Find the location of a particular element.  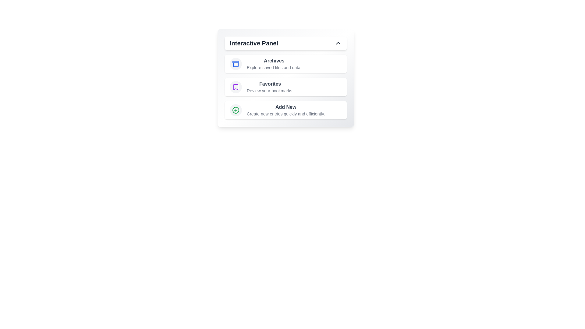

the menu item corresponding to Archives is located at coordinates (285, 64).